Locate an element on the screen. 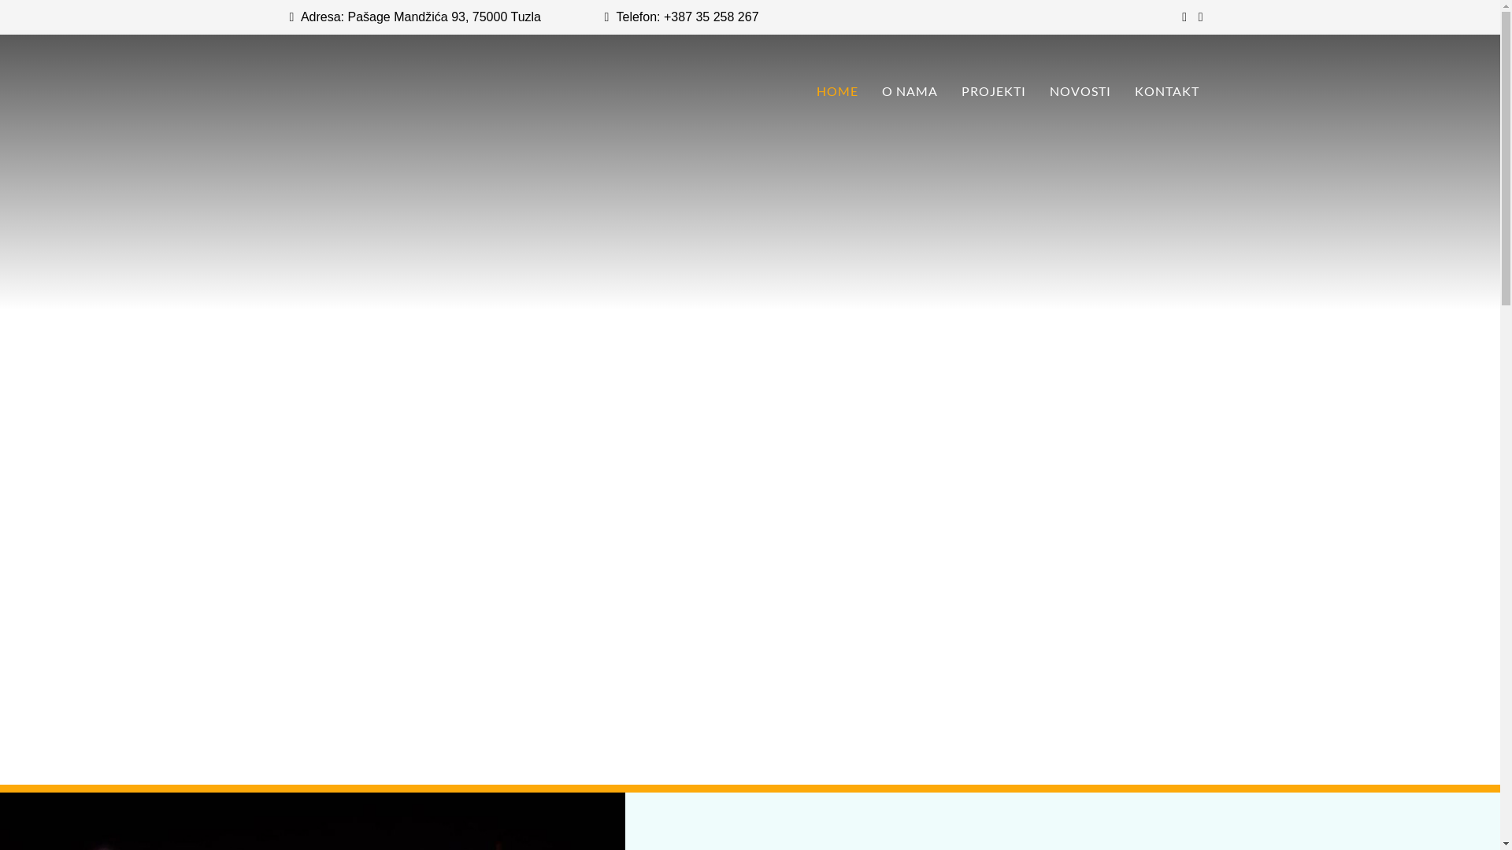  'HOME' is located at coordinates (805, 91).